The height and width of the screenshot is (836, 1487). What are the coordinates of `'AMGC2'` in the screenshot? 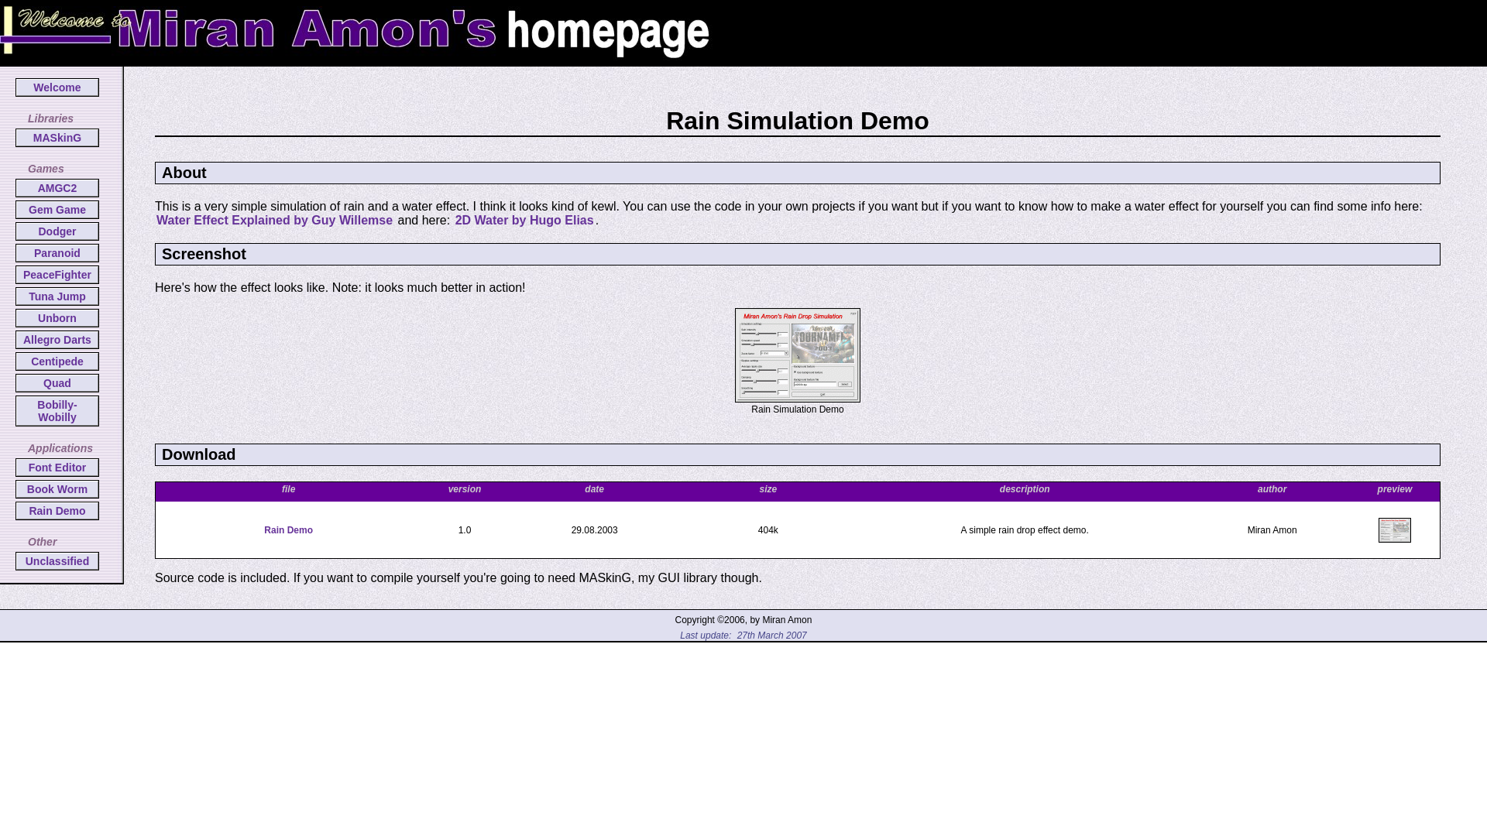 It's located at (57, 187).